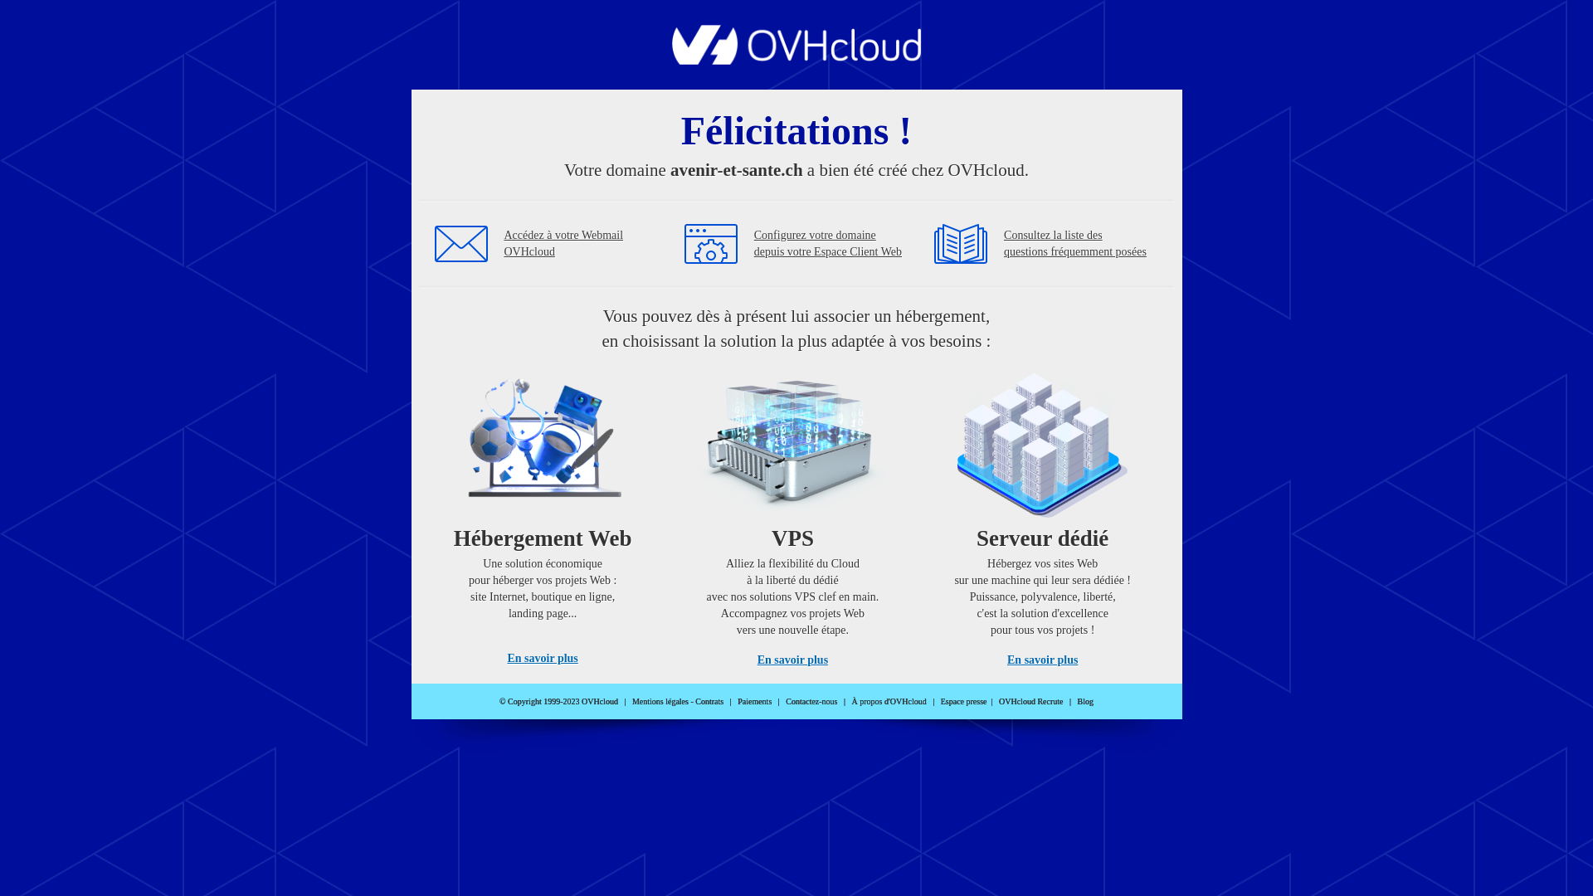 The image size is (1593, 896). What do you see at coordinates (1085, 701) in the screenshot?
I see `'Blog'` at bounding box center [1085, 701].